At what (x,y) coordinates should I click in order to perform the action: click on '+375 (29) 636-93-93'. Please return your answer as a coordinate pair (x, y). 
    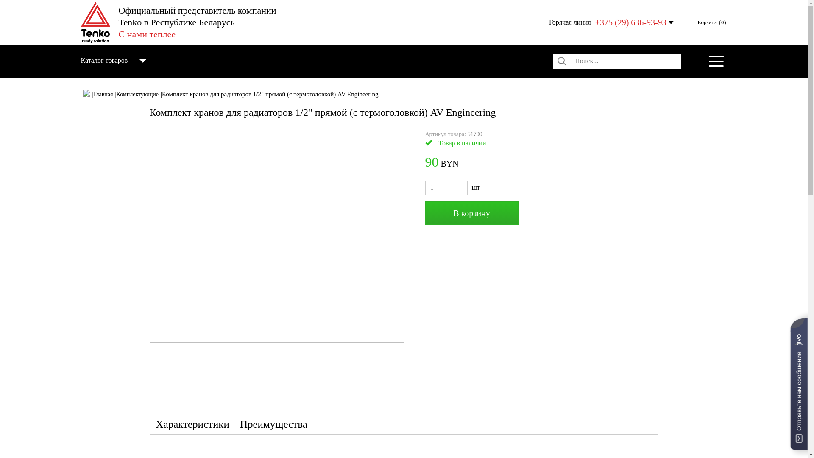
    Looking at the image, I should click on (631, 22).